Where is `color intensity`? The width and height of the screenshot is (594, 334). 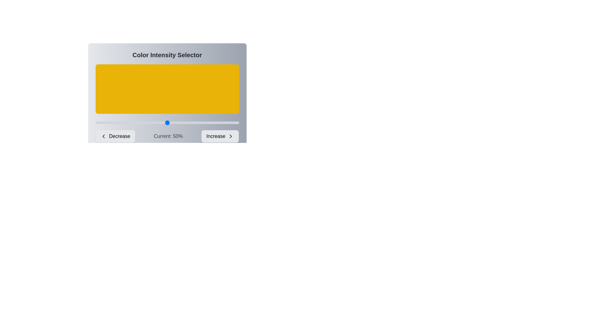
color intensity is located at coordinates (164, 123).